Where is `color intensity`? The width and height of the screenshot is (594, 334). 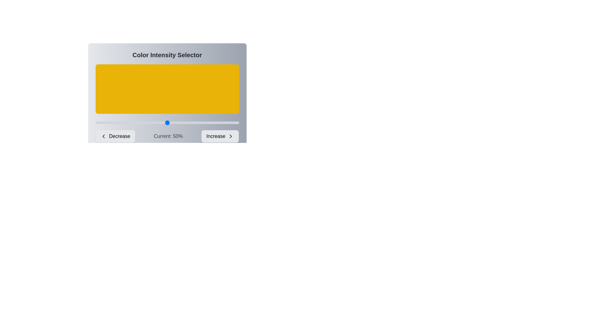
color intensity is located at coordinates (164, 123).